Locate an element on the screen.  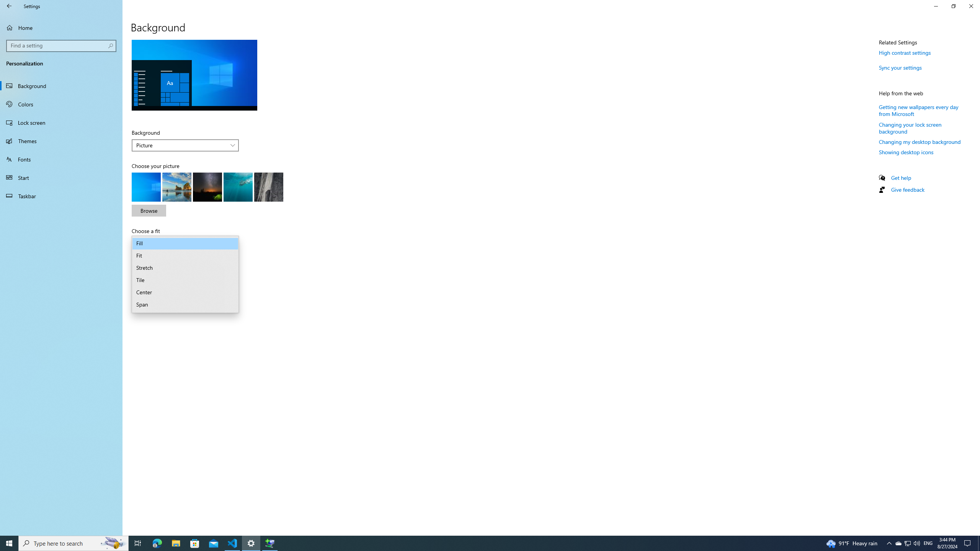
'Visual Studio Code - 1 running window' is located at coordinates (232, 543).